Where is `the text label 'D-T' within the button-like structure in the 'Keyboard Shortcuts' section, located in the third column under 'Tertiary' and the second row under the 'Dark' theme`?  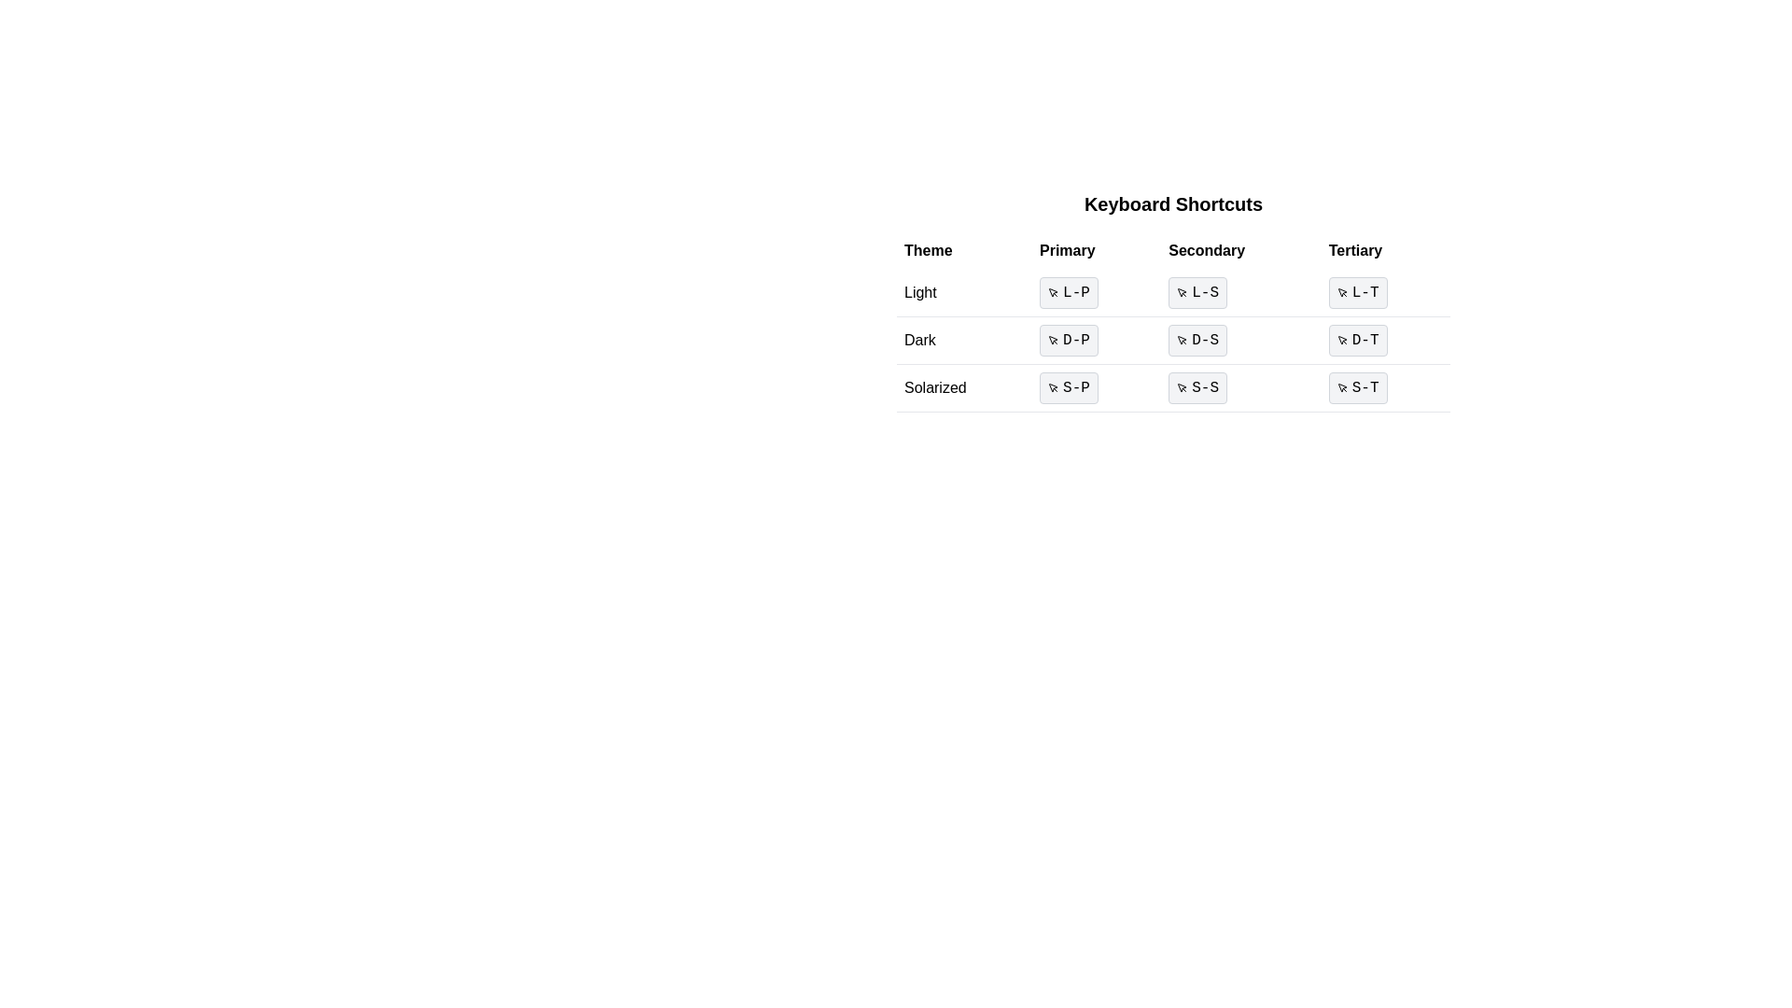
the text label 'D-T' within the button-like structure in the 'Keyboard Shortcuts' section, located in the third column under 'Tertiary' and the second row under the 'Dark' theme is located at coordinates (1365, 341).